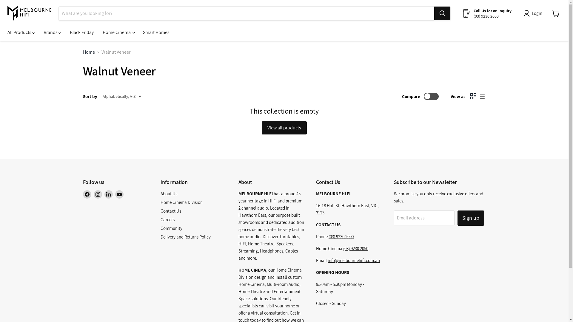 This screenshot has height=322, width=573. Describe the element at coordinates (171, 228) in the screenshot. I see `'Community'` at that location.